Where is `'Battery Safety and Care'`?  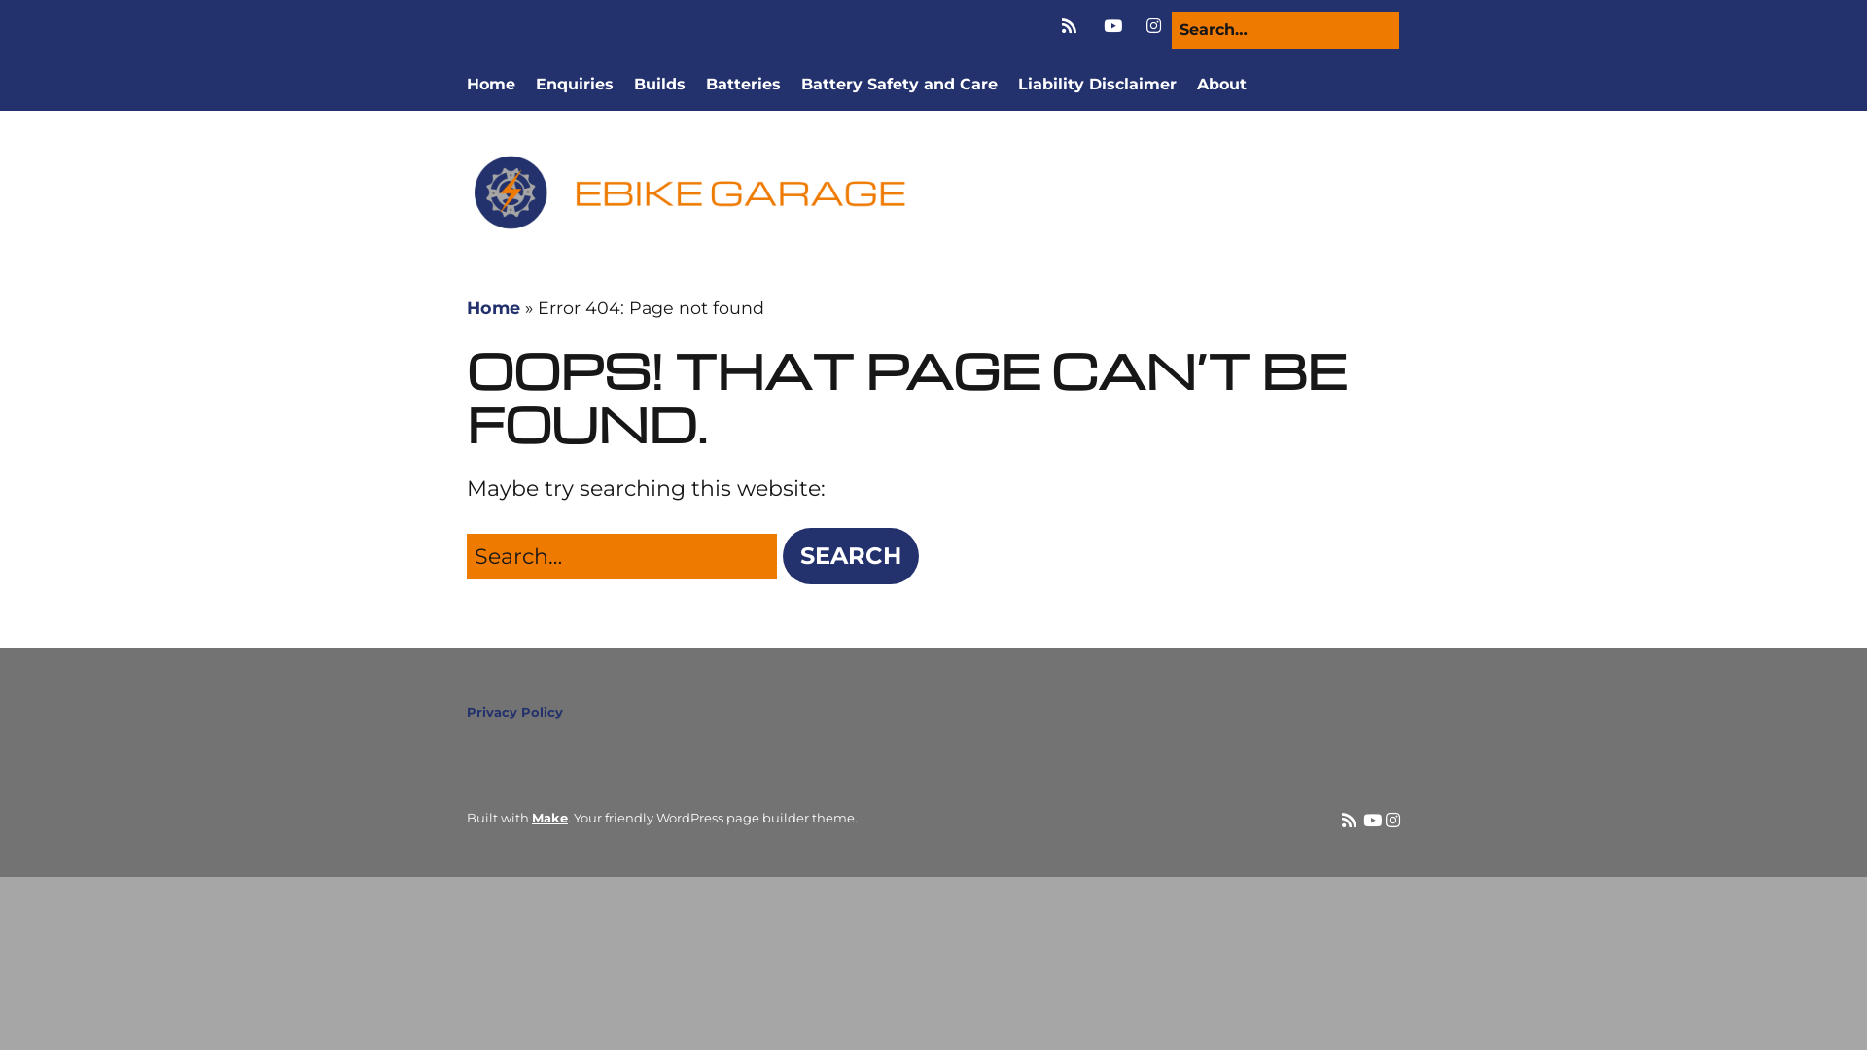
'Battery Safety and Care' is located at coordinates (898, 84).